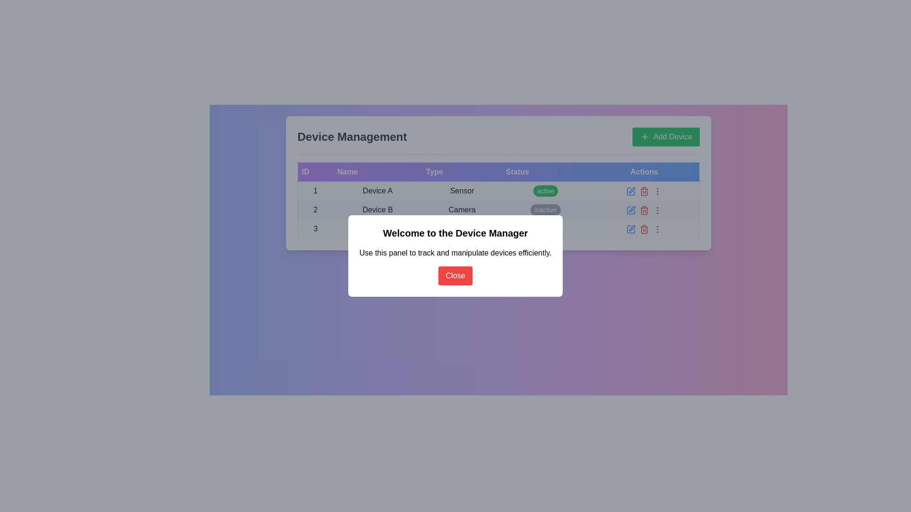  Describe the element at coordinates (631, 191) in the screenshot. I see `the editing icon in the 'Actions' column for 'Device A'` at that location.